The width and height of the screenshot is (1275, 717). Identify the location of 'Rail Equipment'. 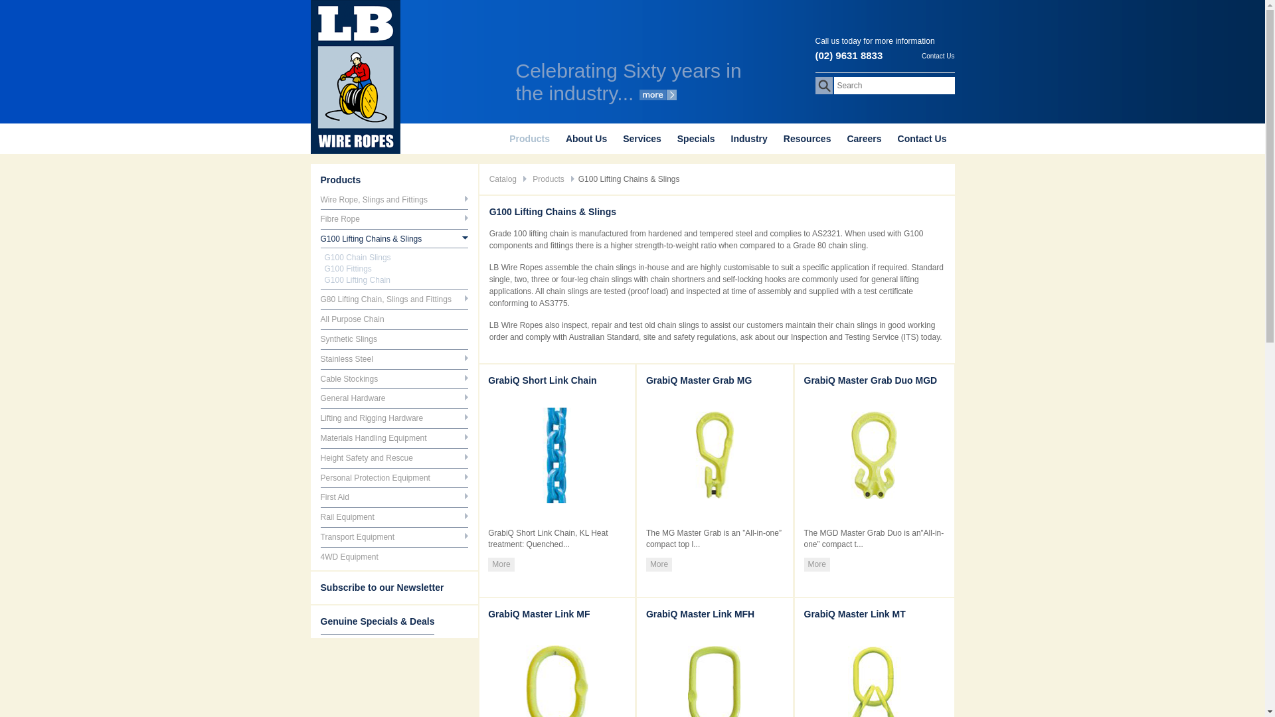
(347, 517).